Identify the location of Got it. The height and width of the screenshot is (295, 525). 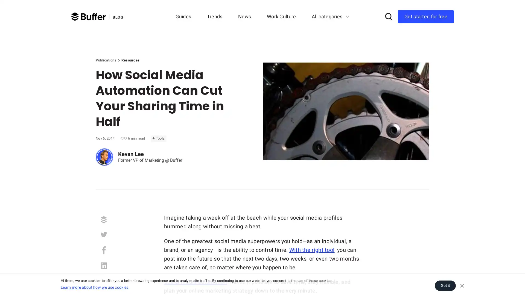
(445, 285).